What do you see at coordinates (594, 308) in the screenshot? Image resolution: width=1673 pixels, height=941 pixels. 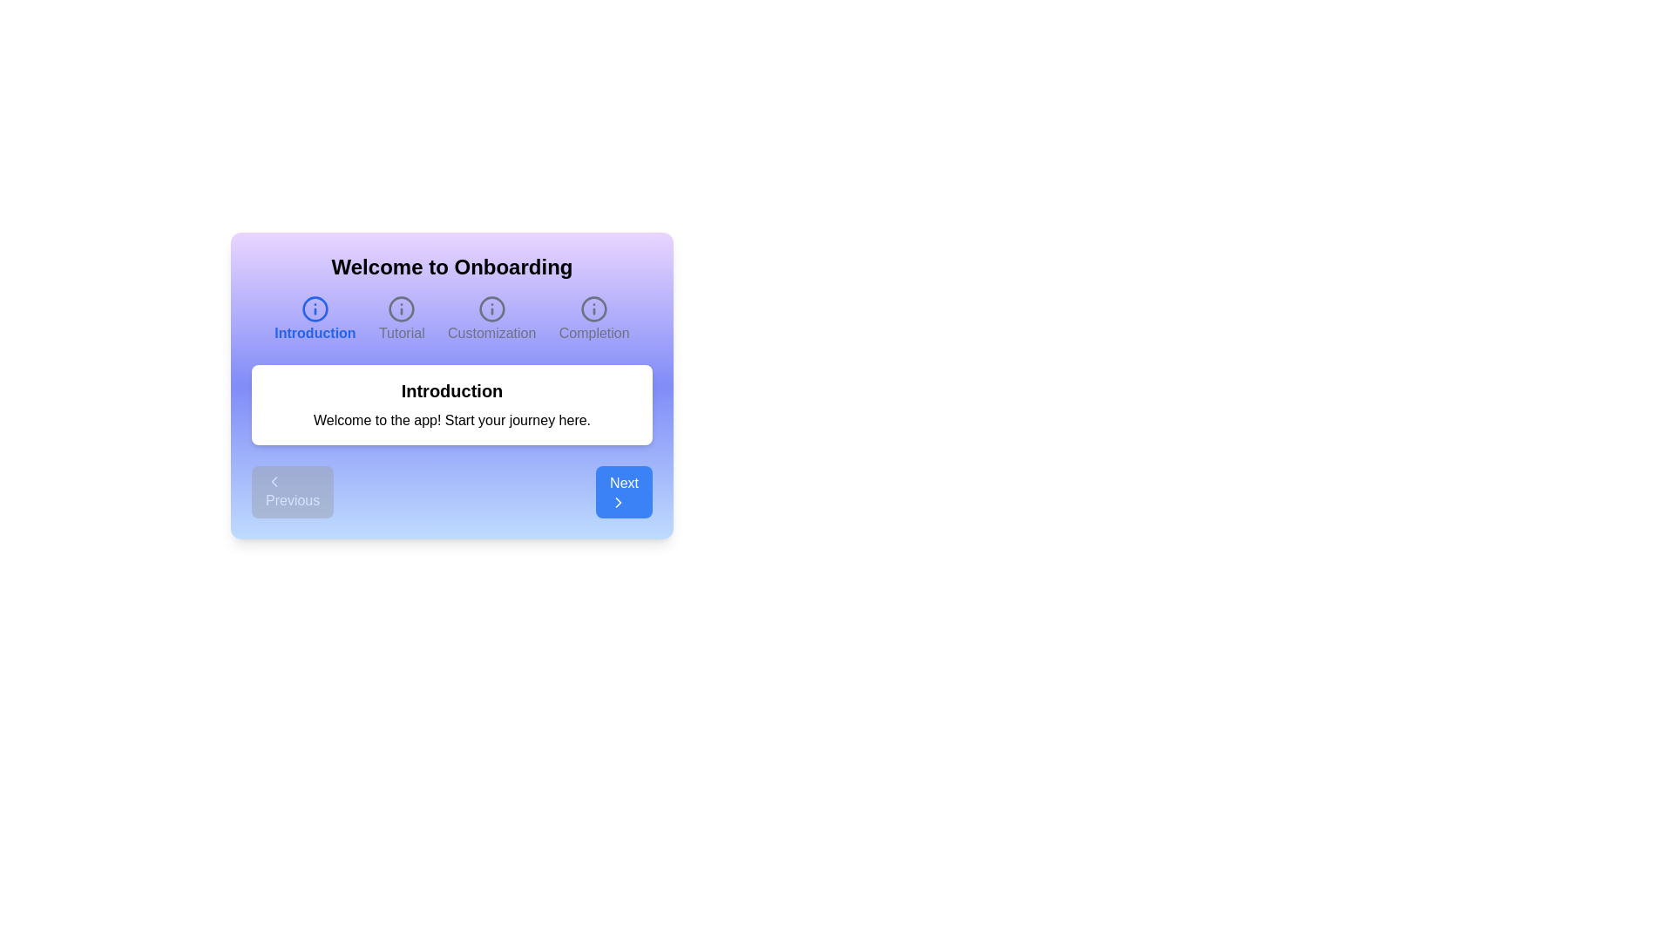 I see `the circular icon with an 'i' symbol, which is styled with a gray outline and located on the far right among the navigation items corresponding to the 'Completion' section` at bounding box center [594, 308].